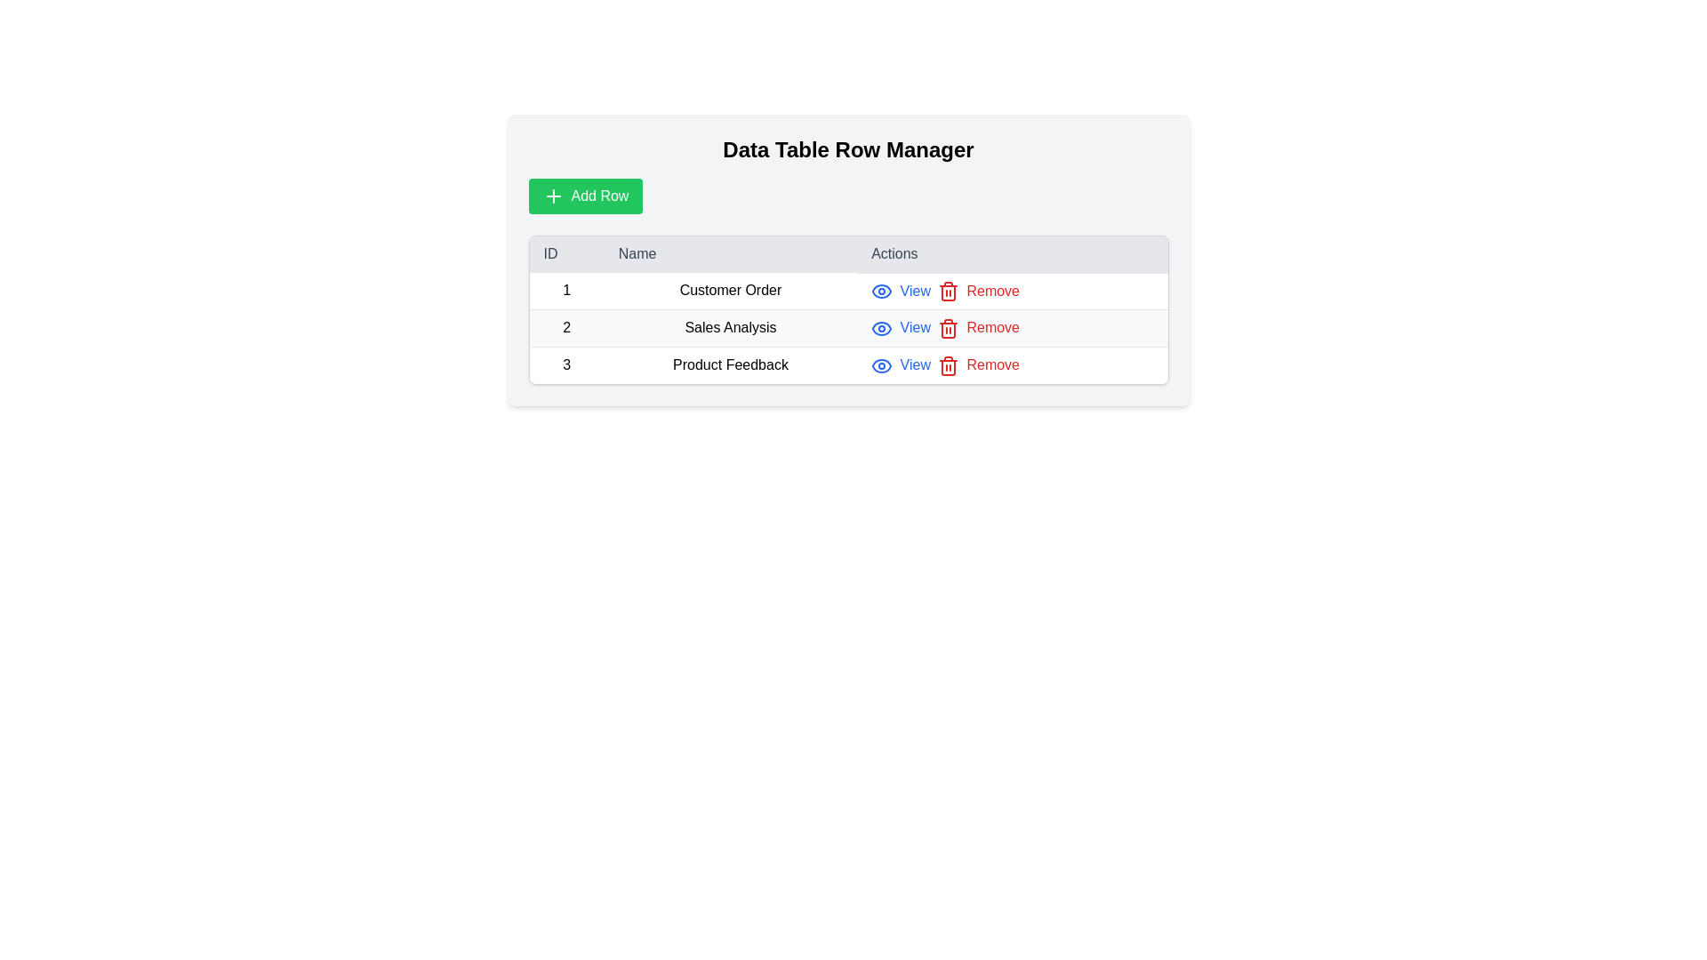  I want to click on text of the bold title element displaying 'Data Table Row Manager', which is positioned above the green 'Add Row' button, so click(847, 149).